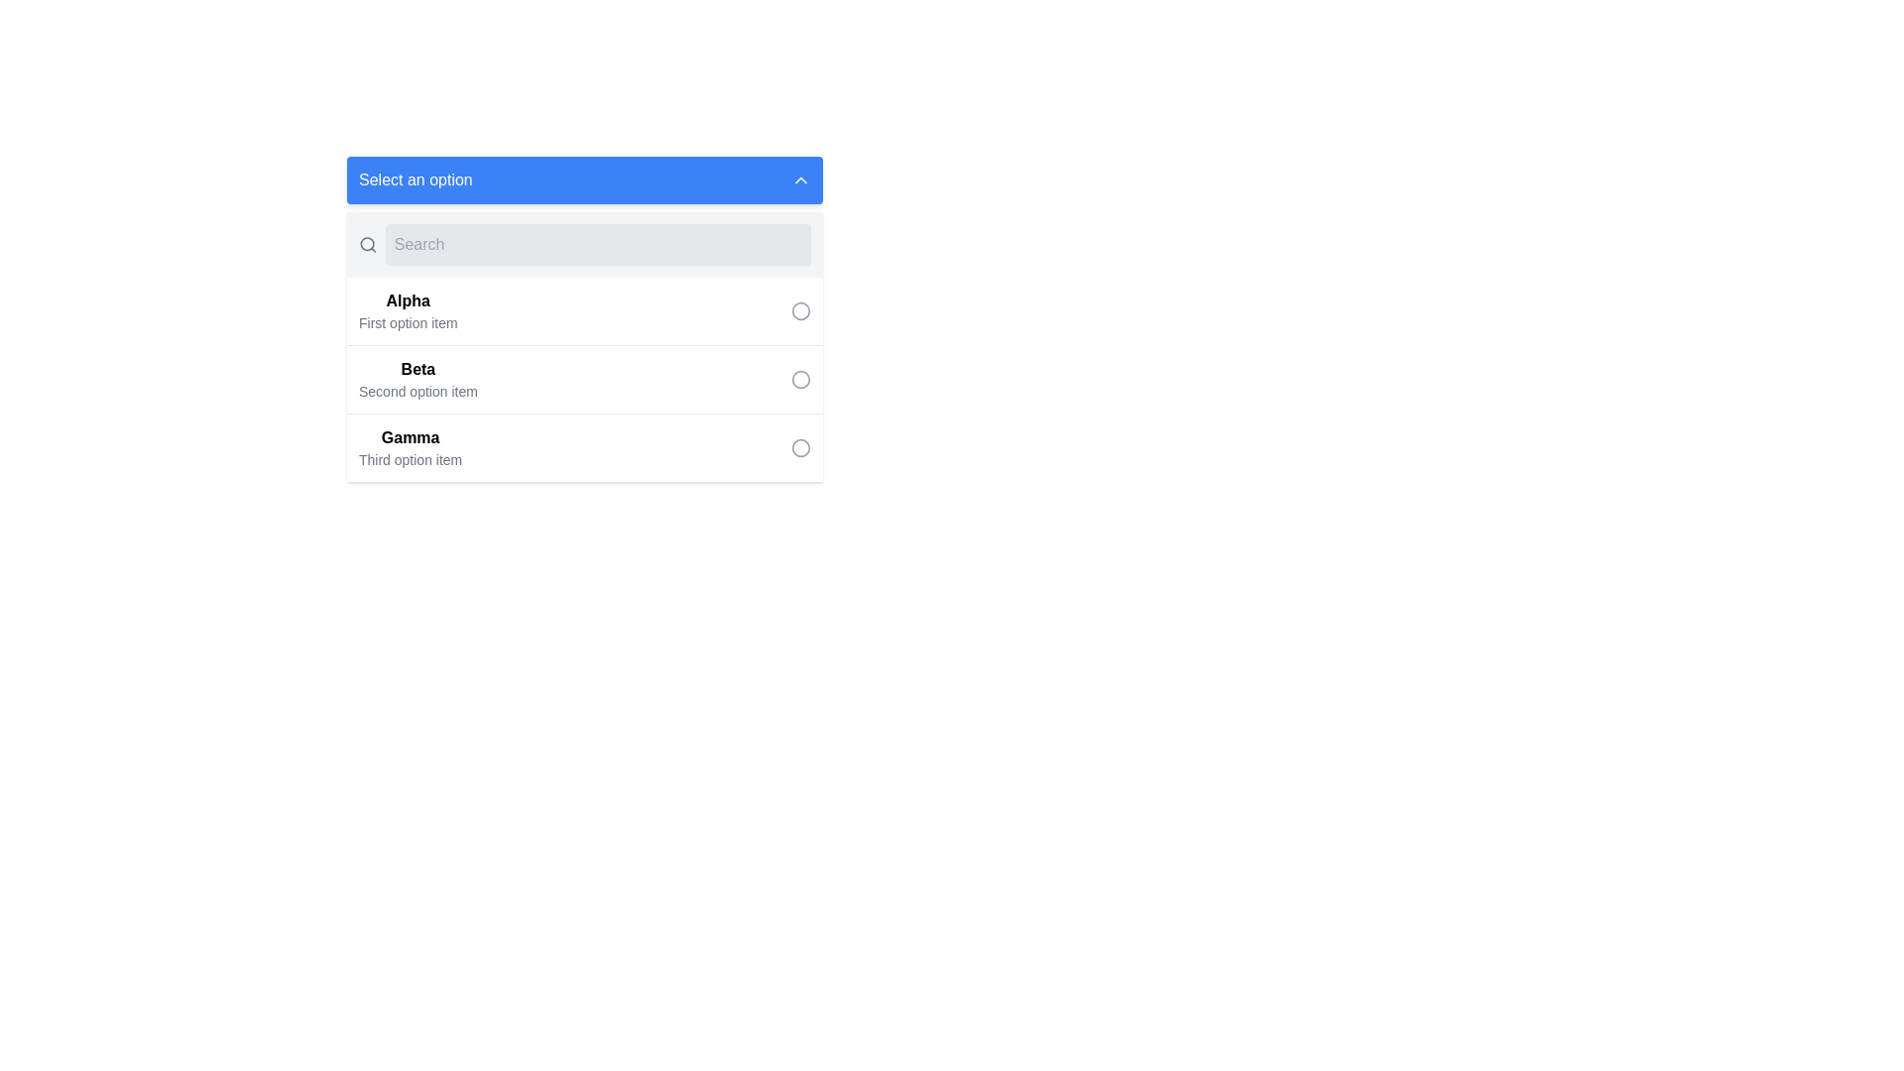 Image resolution: width=1904 pixels, height=1071 pixels. I want to click on the bold, black-styled text label displaying the word 'Alpha', which is the first item in the dropdown menu located directly below the search bar, so click(407, 301).